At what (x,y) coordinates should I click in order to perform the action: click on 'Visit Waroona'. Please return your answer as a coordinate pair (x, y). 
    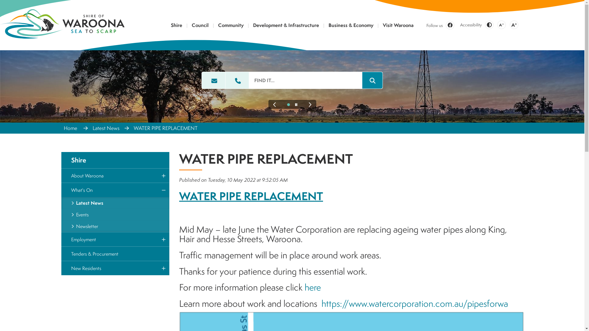
    Looking at the image, I should click on (398, 27).